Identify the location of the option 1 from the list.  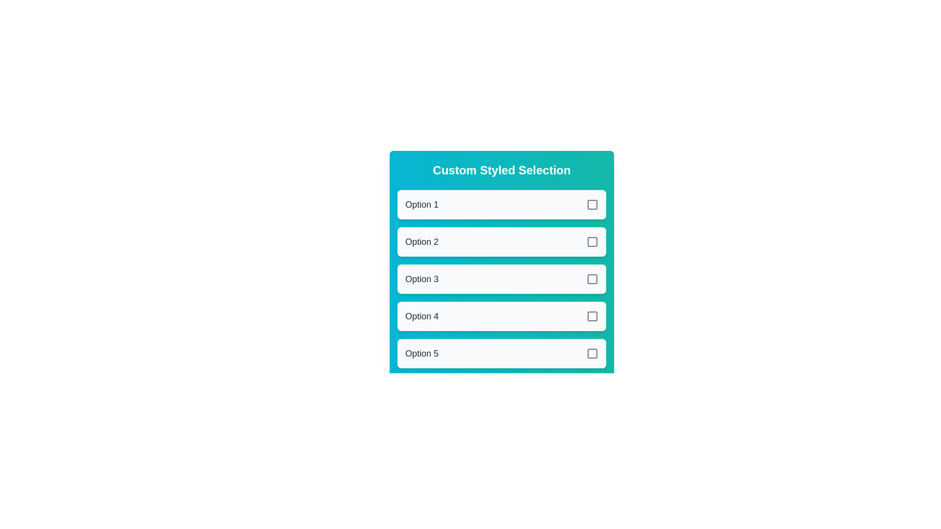
(501, 204).